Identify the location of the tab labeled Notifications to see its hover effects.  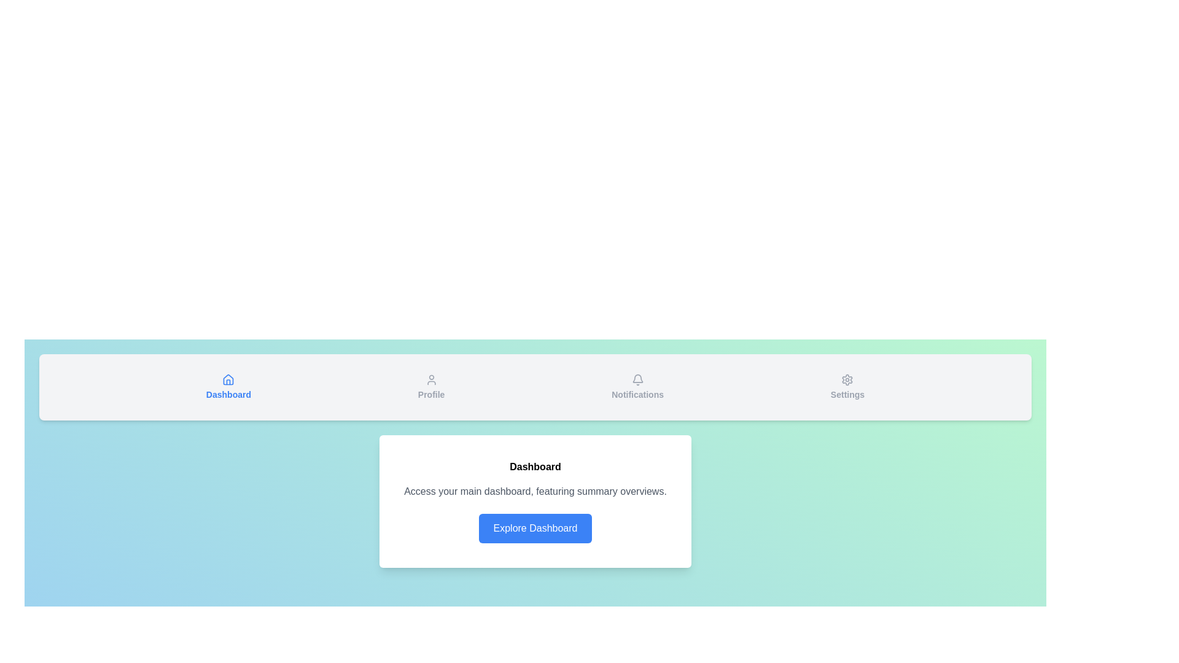
(637, 387).